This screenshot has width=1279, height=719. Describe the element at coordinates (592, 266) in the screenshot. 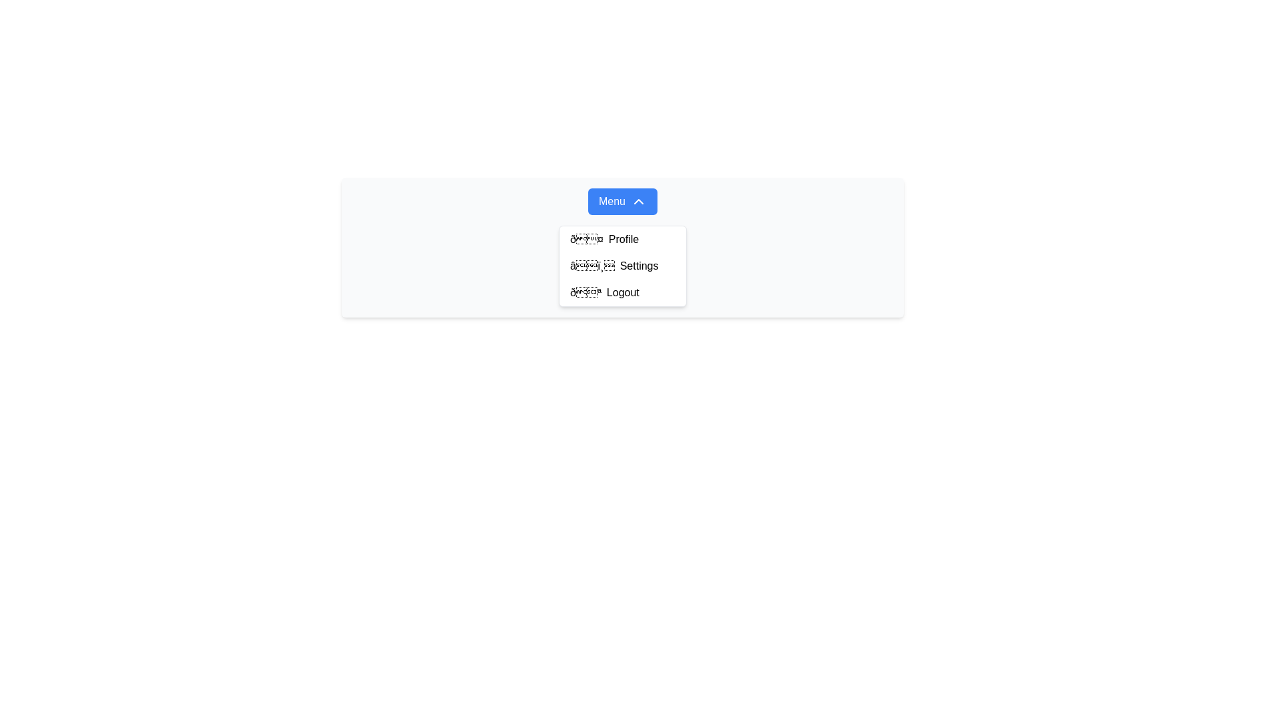

I see `the settings icon located in the dropdown menu beneath the blue 'Menu' button, positioned to the left of the 'Settings' text` at that location.